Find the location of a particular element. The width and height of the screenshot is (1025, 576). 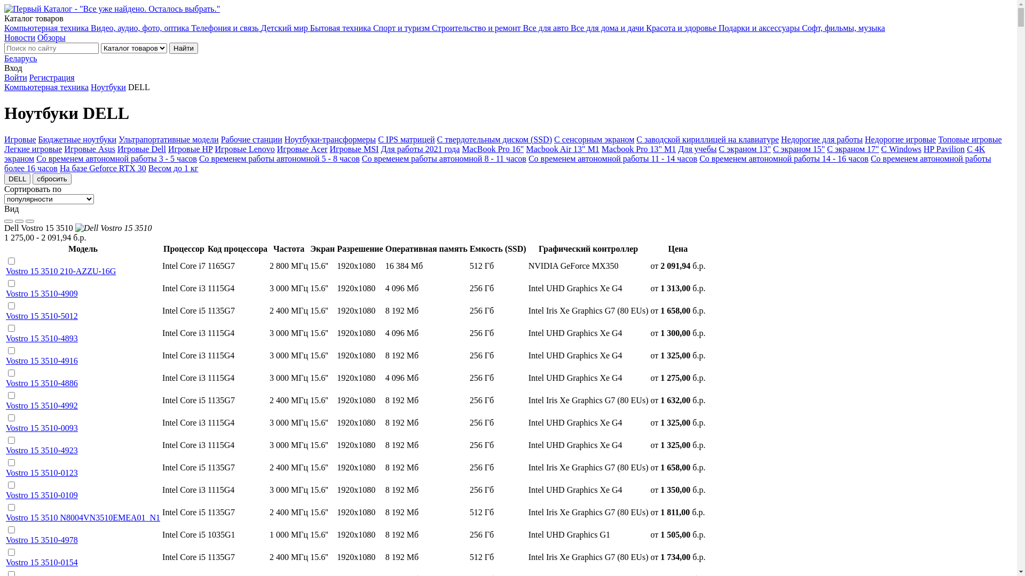

'Vostro 15 3510 210-AZZU-16G' is located at coordinates (60, 270).